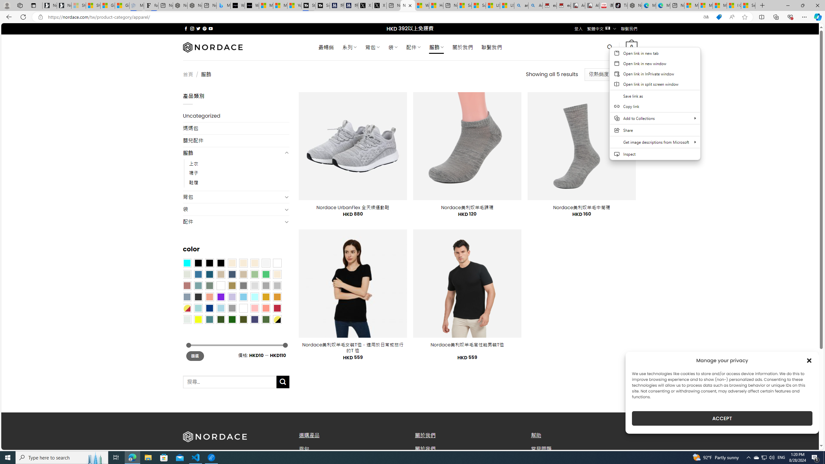  What do you see at coordinates (706, 17) in the screenshot?
I see `'Show translate options'` at bounding box center [706, 17].